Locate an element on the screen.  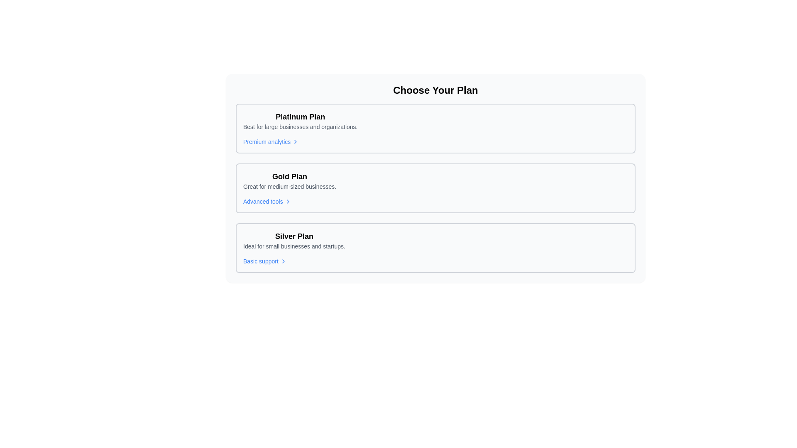
the top section of the 'Gold Plan' card that displays its name and description, which is the second card in a vertical stack of three options is located at coordinates (435, 180).